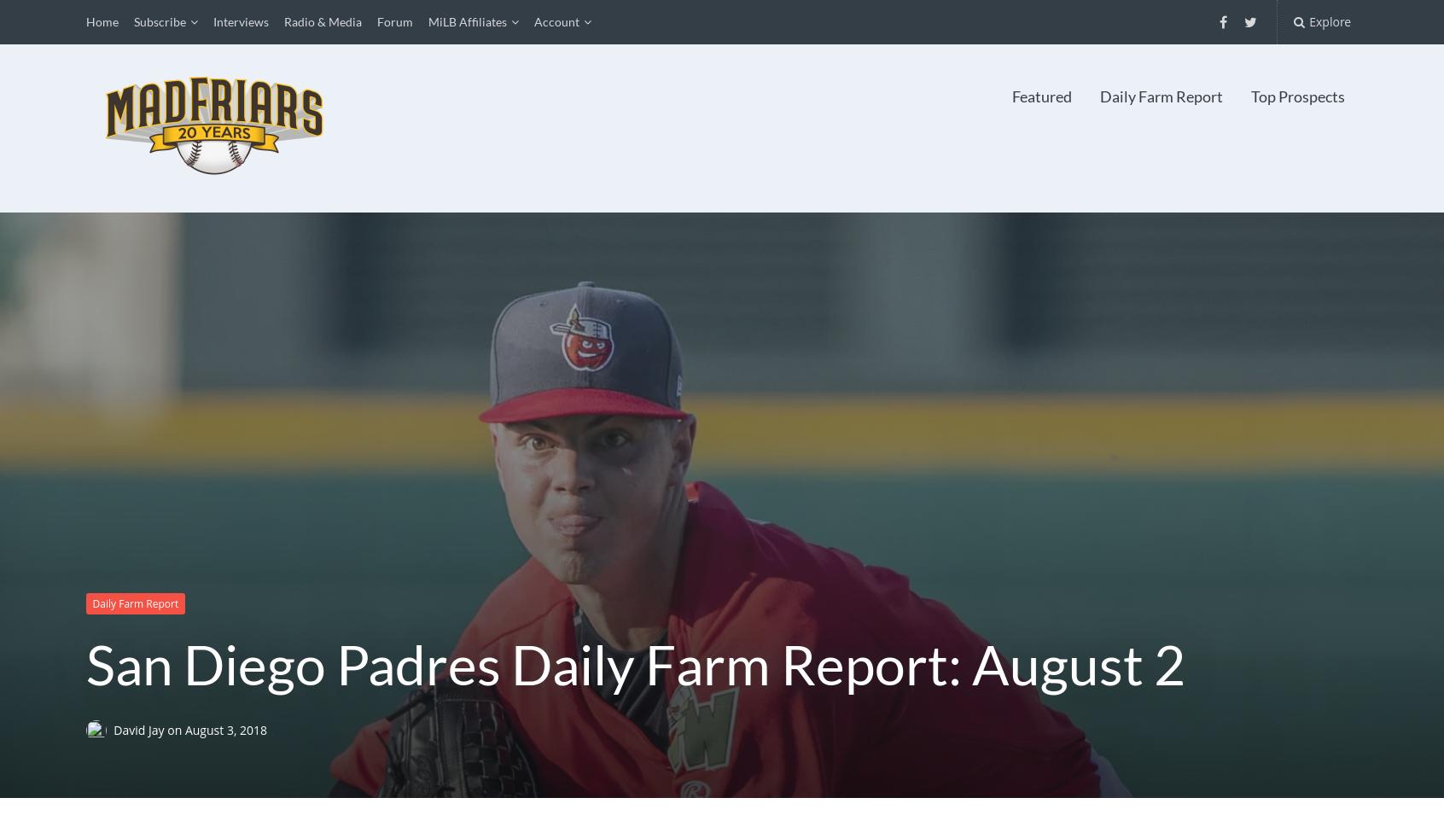  Describe the element at coordinates (113, 728) in the screenshot. I see `'David Jay'` at that location.